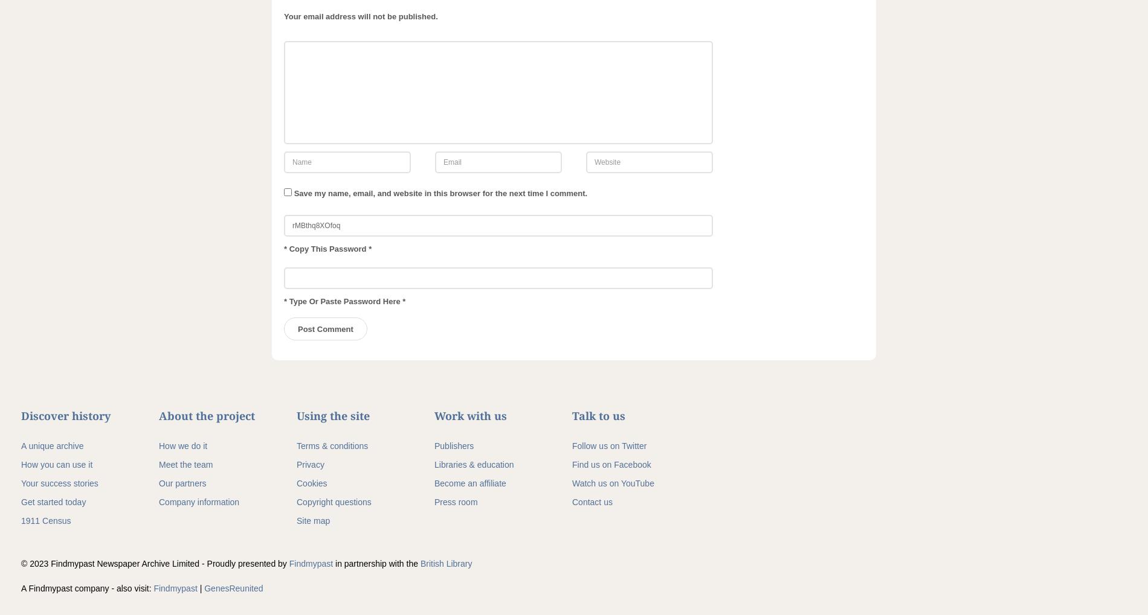  What do you see at coordinates (57, 464) in the screenshot?
I see `'How you can use it'` at bounding box center [57, 464].